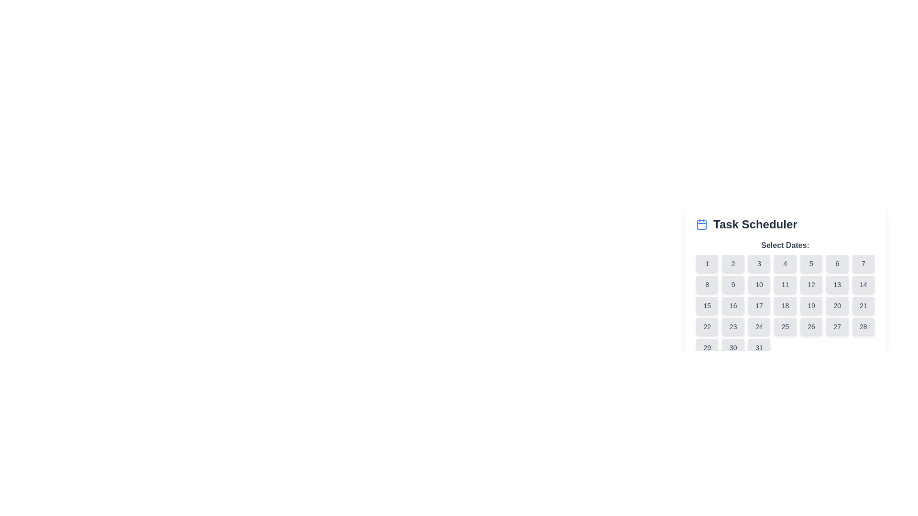 This screenshot has height=516, width=918. Describe the element at coordinates (785, 298) in the screenshot. I see `the date button on the calendar grid located under the title 'Select Dates:' in the task scheduling interface` at that location.